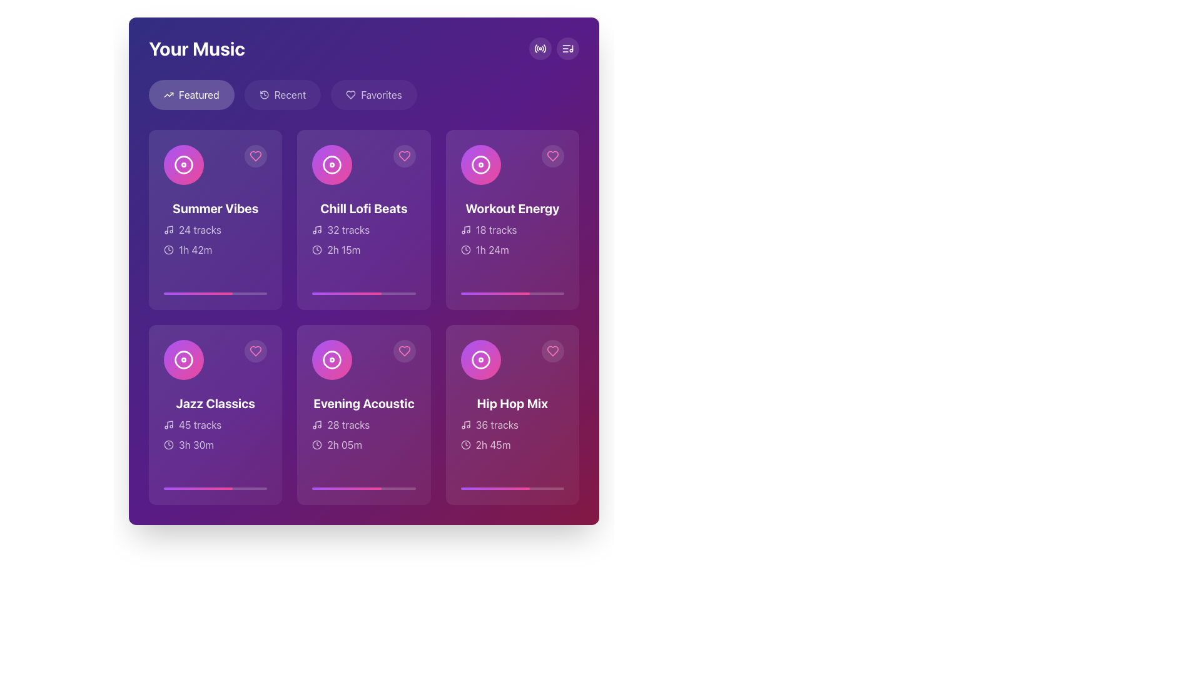 This screenshot has height=675, width=1201. I want to click on the text label displaying '2h 15m' which is positioned next to a small clock icon in the second item of the top row of the grid, so click(343, 250).